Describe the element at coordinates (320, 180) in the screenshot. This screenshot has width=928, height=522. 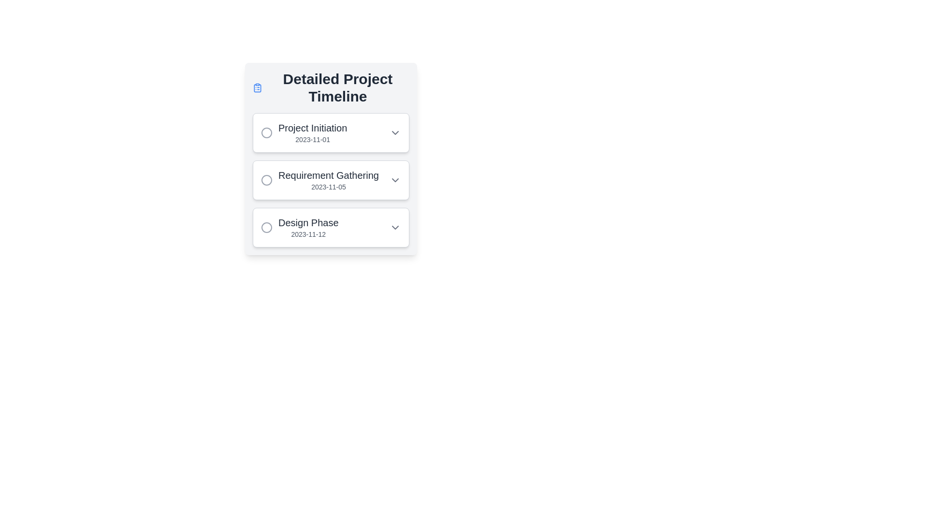
I see `the List item that represents a phase or milestone in the project timeline, located between 'Project Initiation' and 'Design Phase'` at that location.